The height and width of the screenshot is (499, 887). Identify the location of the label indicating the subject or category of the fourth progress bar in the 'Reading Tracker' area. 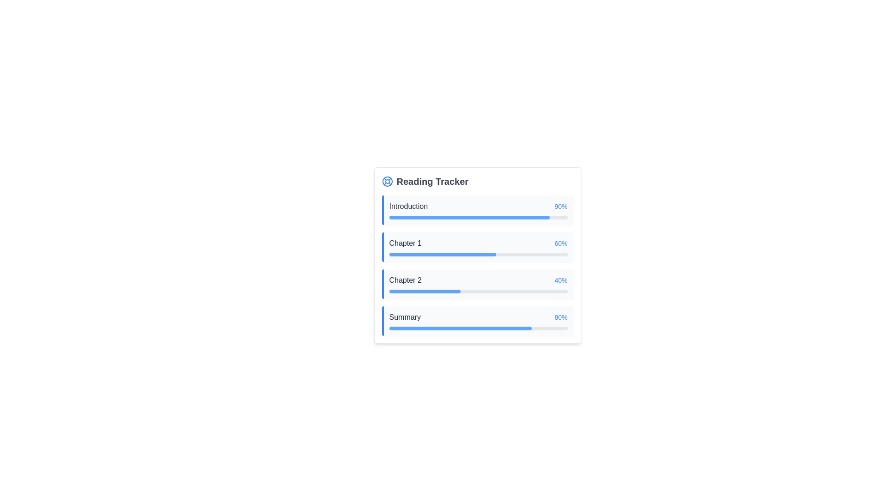
(405, 316).